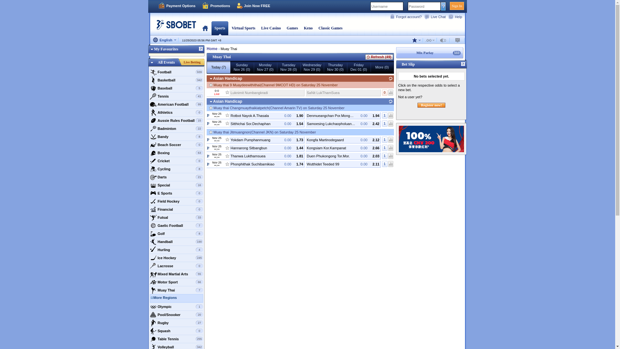 Image resolution: width=620 pixels, height=349 pixels. What do you see at coordinates (286, 28) in the screenshot?
I see `'Games'` at bounding box center [286, 28].